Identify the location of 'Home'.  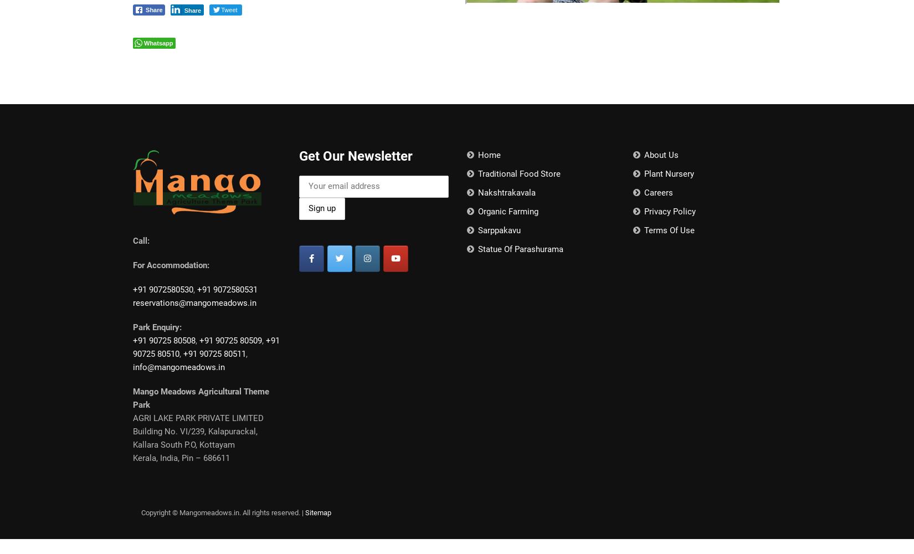
(488, 155).